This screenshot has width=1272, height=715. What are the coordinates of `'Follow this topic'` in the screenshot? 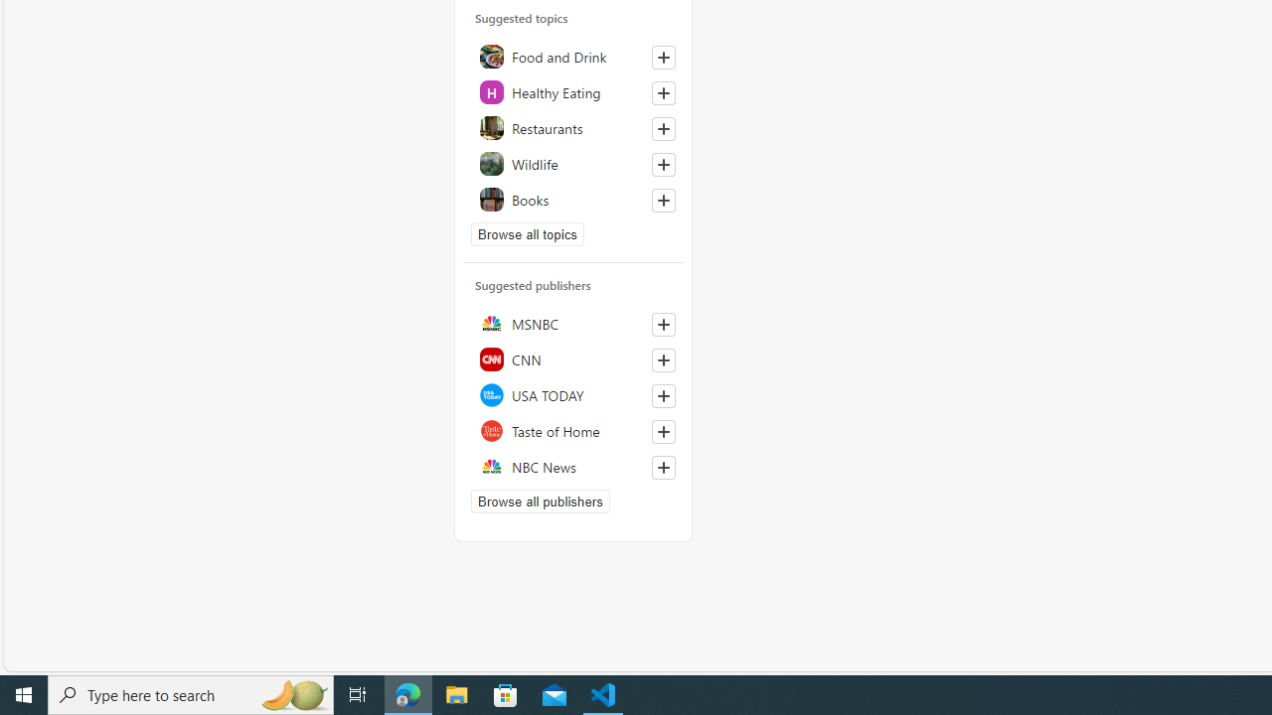 It's located at (663, 200).